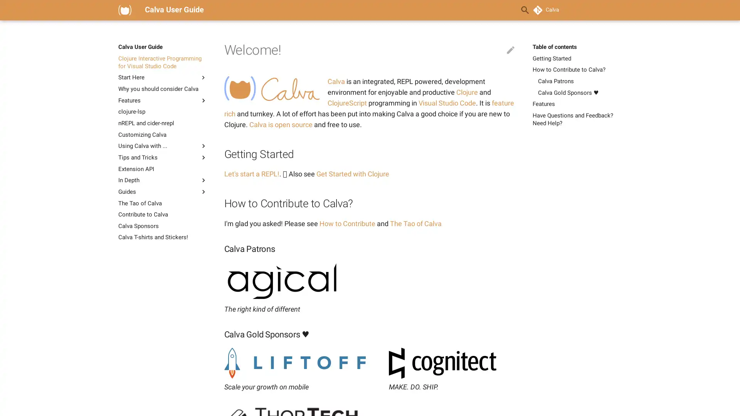  Describe the element at coordinates (506, 10) in the screenshot. I see `Clear` at that location.